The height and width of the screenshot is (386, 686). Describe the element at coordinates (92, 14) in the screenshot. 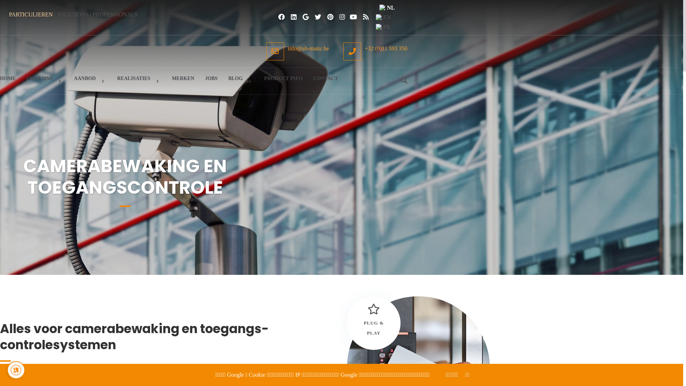

I see `'PROFESSIONALS'` at that location.